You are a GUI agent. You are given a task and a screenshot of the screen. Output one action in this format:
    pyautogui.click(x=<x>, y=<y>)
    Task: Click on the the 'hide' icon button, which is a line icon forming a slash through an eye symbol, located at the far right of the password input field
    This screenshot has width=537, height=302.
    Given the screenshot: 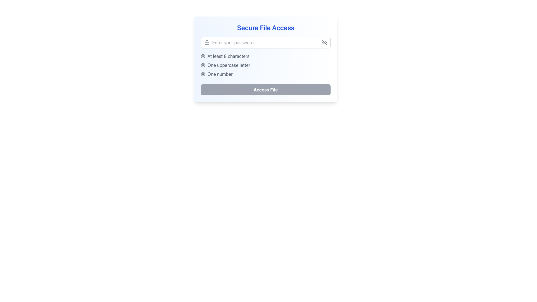 What is the action you would take?
    pyautogui.click(x=324, y=42)
    